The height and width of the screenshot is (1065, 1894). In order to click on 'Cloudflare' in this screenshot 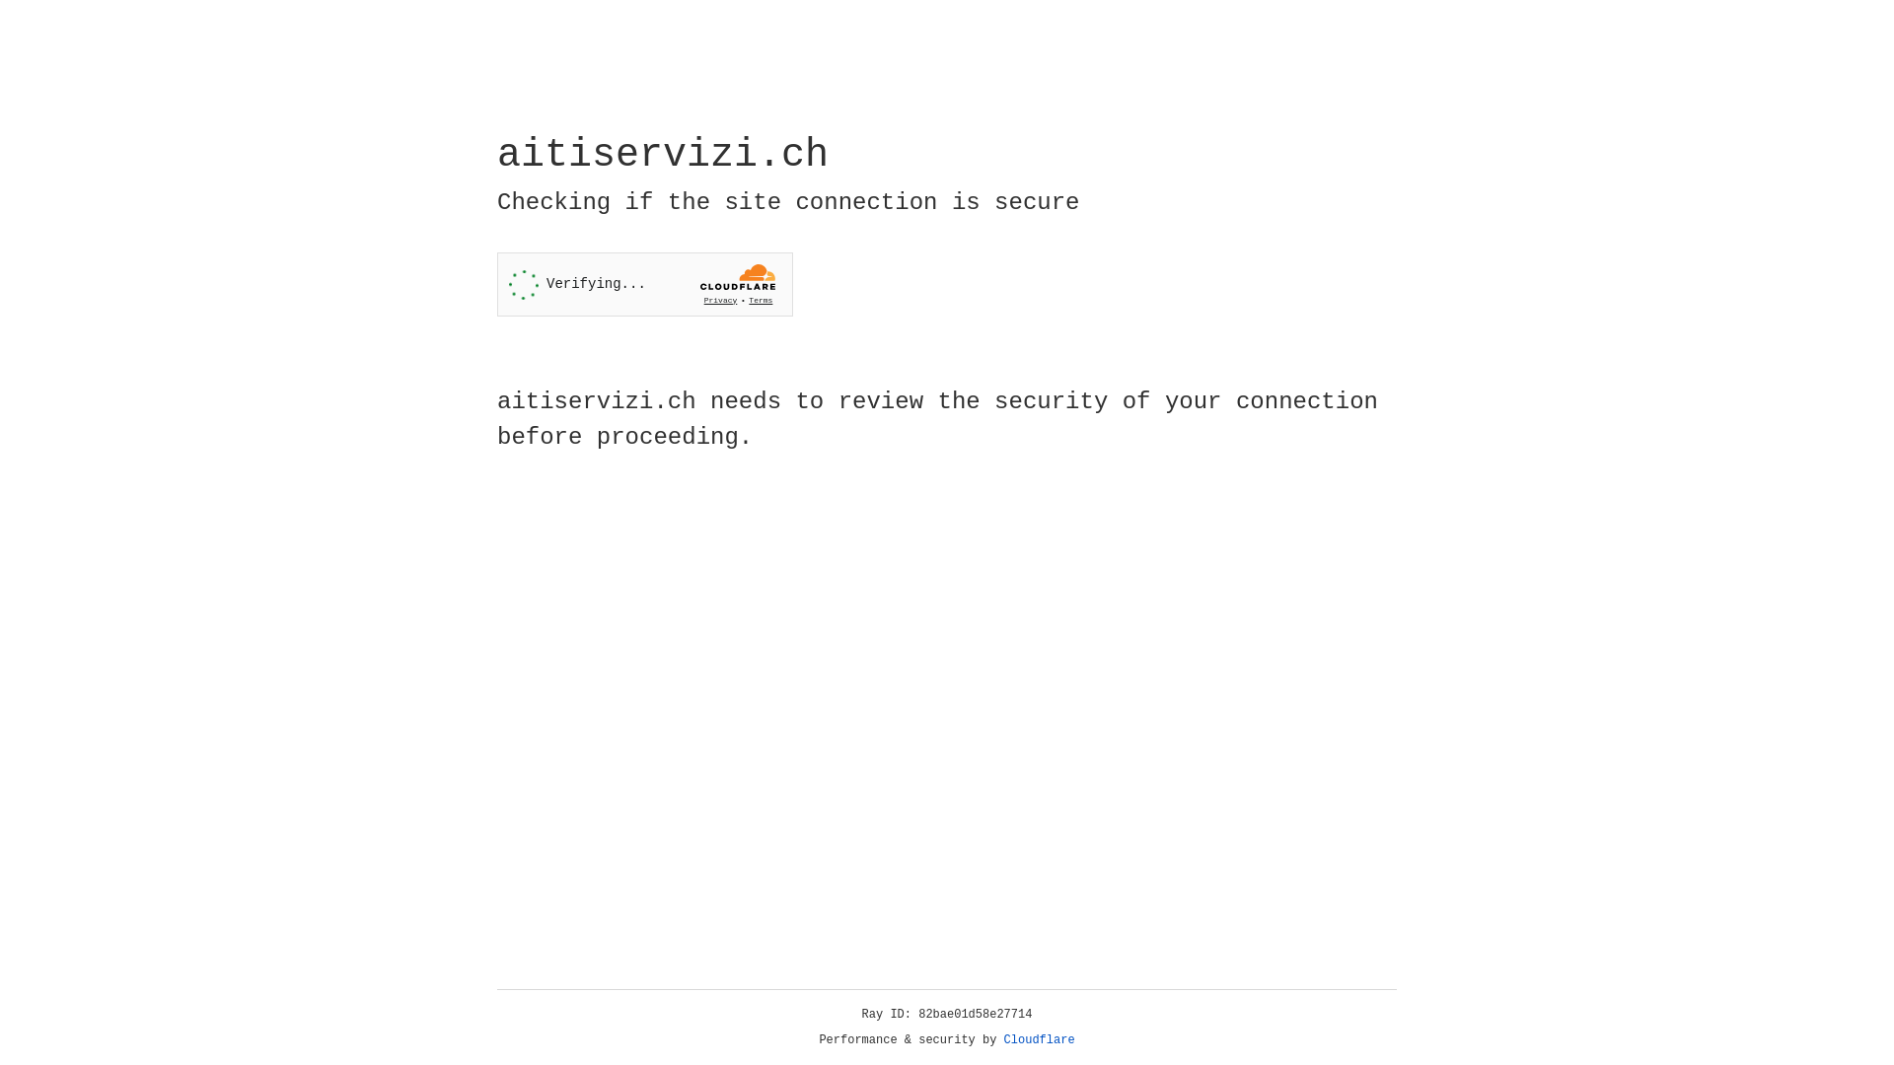, I will do `click(1039, 1039)`.